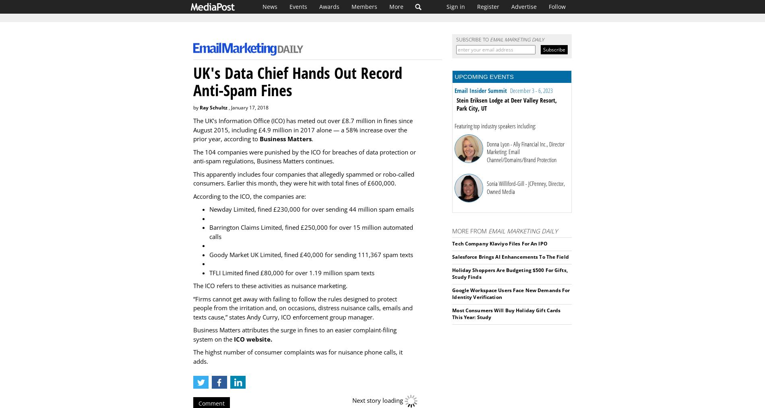  I want to click on 'Sign in', so click(456, 6).